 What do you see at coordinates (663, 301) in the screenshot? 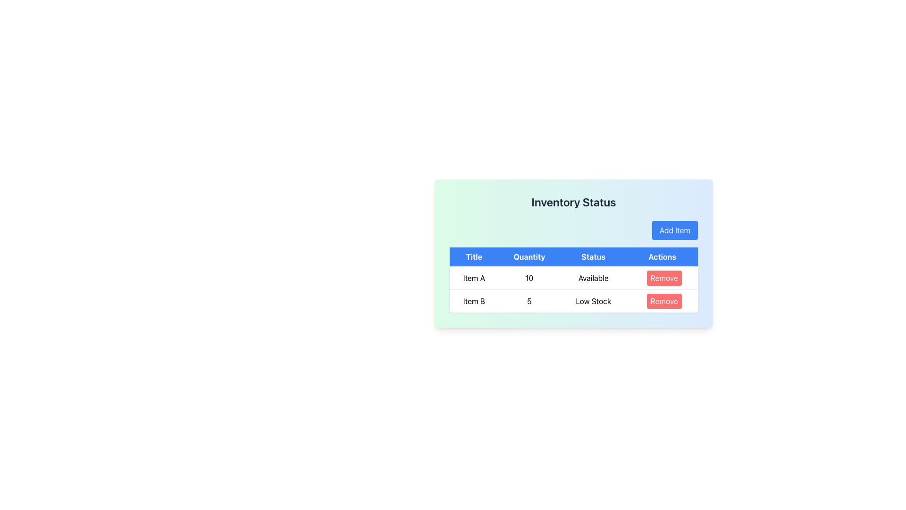
I see `the button in the 'Actions' column of the second row under the 'Inventory Status' heading` at bounding box center [663, 301].